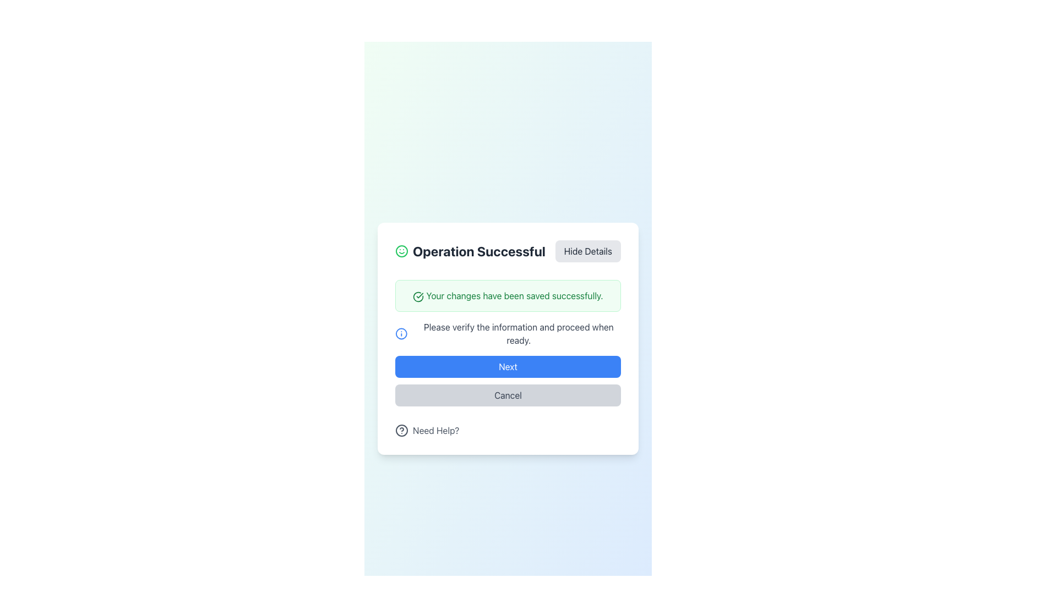 Image resolution: width=1057 pixels, height=594 pixels. What do you see at coordinates (401, 333) in the screenshot?
I see `the circular icon with a blue stroke and central dot that signifies additional information, located above the text 'Please verify the information and proceed when ready.'` at bounding box center [401, 333].